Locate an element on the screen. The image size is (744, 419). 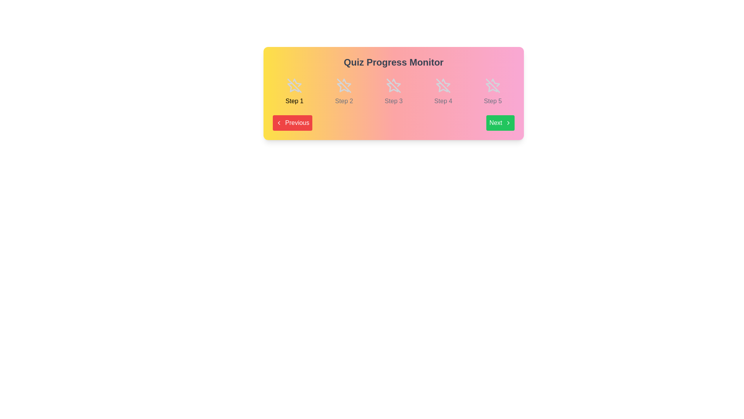
the static component with a crossed-out star icon and the text 'Step 1', which is the first item in a sequence of five similar elements is located at coordinates (294, 91).